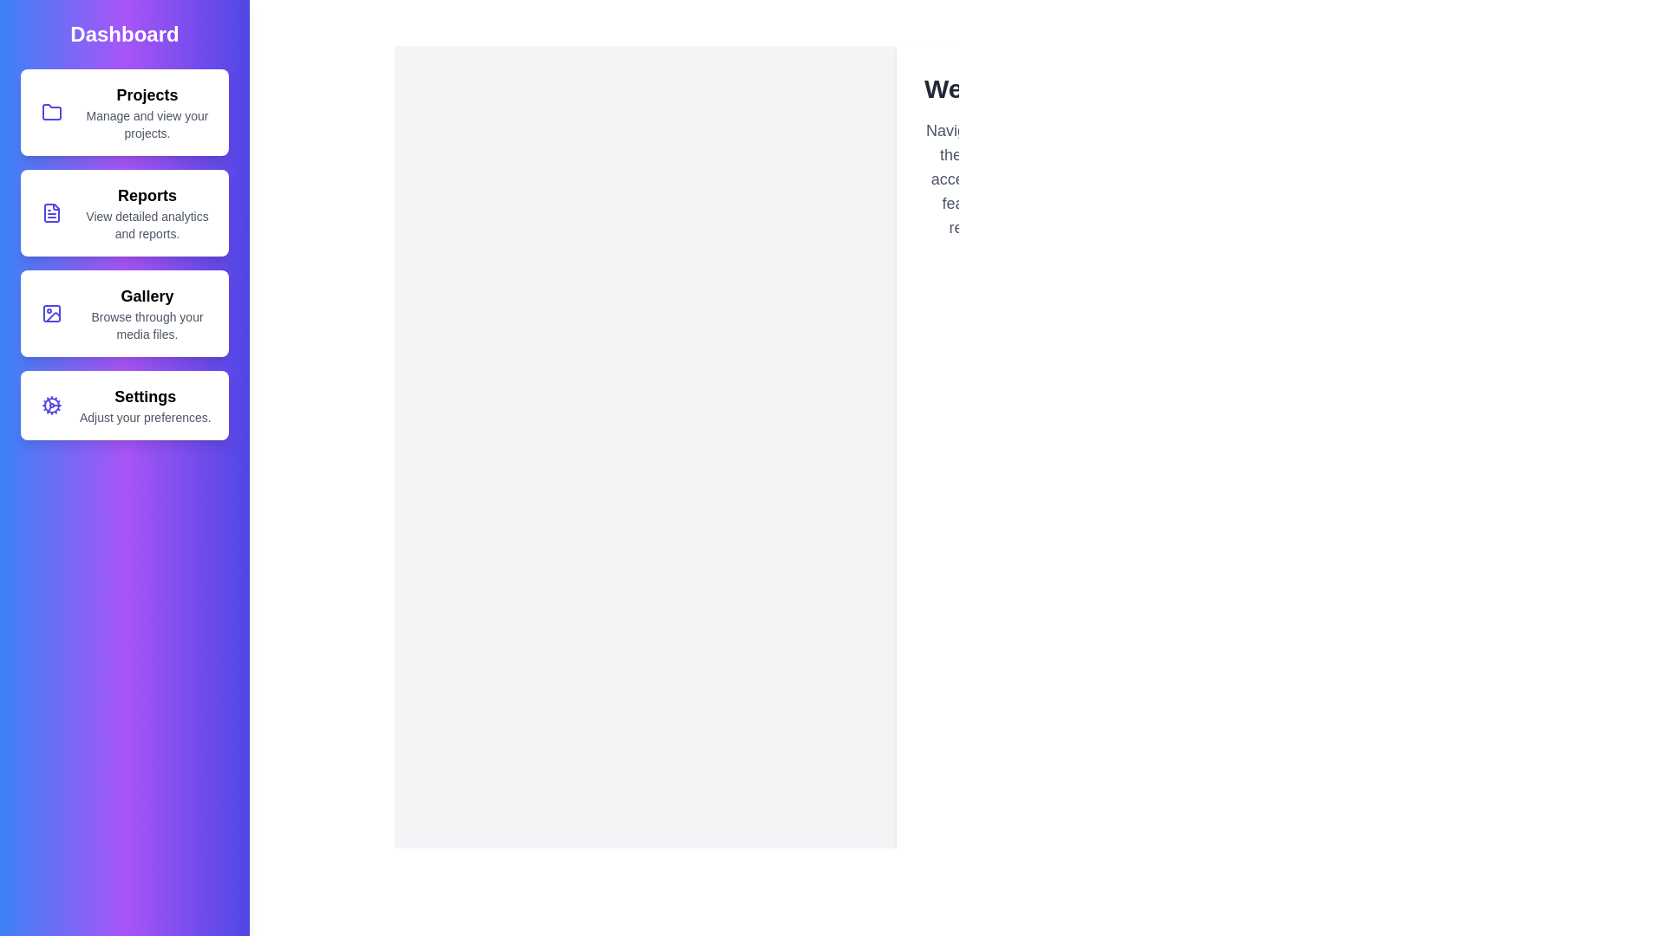 Image resolution: width=1665 pixels, height=936 pixels. What do you see at coordinates (124, 314) in the screenshot?
I see `the 'Gallery' section to browse media files` at bounding box center [124, 314].